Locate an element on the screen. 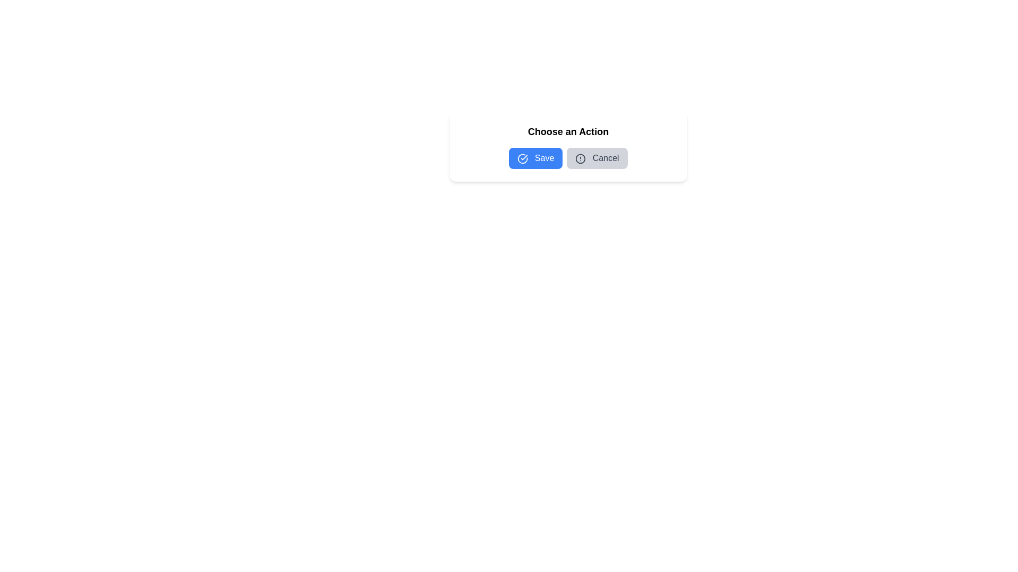  the blue 'Save' button with a checkmark icon is located at coordinates (536, 158).